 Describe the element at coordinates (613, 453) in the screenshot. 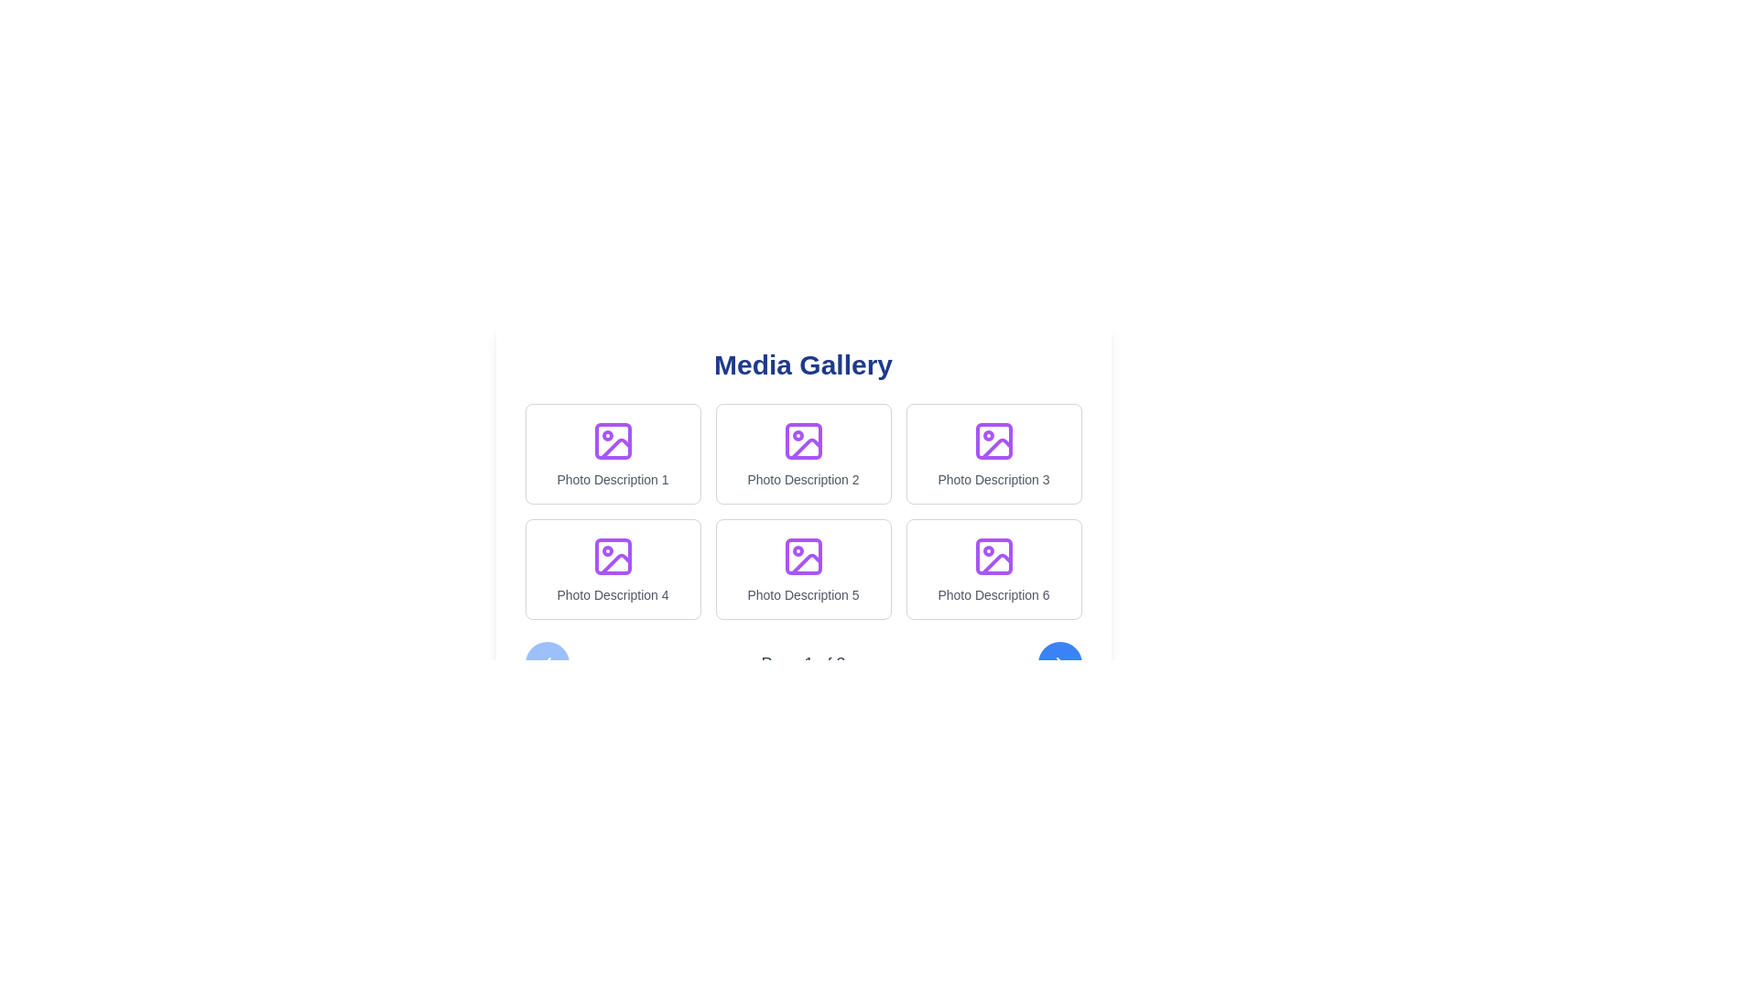

I see `the Media tile in the top-left corner of the media gallery` at that location.